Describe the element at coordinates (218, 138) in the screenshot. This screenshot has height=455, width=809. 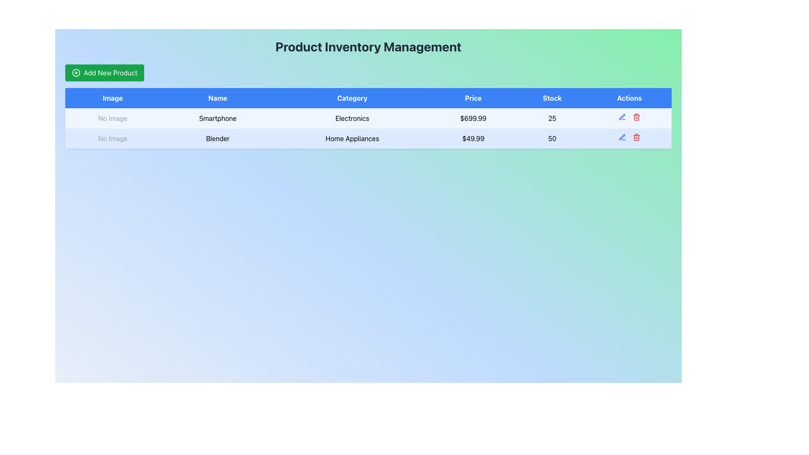
I see `the text element displaying 'Blender' located in the second row of the table under the 'Name' column, which has a light blue background and is styled with a sans-serif font` at that location.